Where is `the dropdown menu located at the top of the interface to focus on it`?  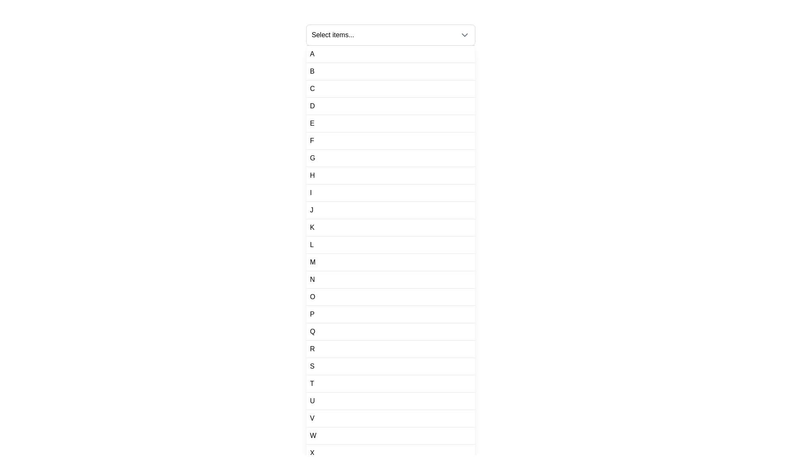
the dropdown menu located at the top of the interface to focus on it is located at coordinates (390, 35).